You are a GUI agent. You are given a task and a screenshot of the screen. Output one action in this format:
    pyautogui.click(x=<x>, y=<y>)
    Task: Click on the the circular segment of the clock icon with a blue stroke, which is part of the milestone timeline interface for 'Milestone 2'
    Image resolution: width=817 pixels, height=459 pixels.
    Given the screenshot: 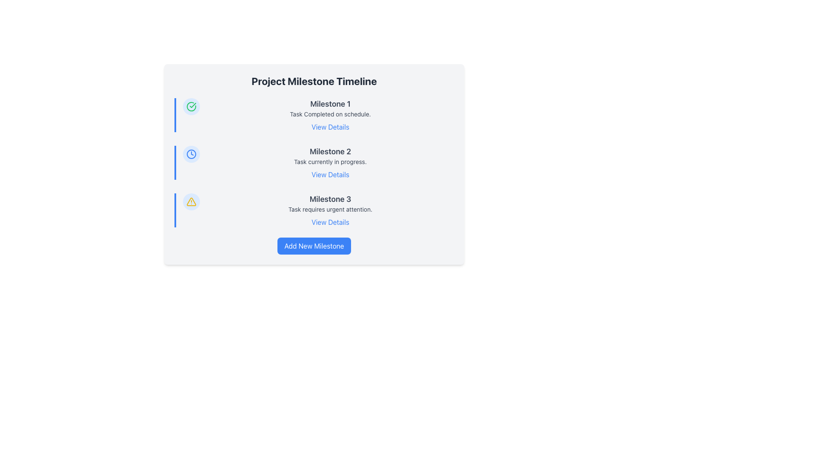 What is the action you would take?
    pyautogui.click(x=191, y=154)
    